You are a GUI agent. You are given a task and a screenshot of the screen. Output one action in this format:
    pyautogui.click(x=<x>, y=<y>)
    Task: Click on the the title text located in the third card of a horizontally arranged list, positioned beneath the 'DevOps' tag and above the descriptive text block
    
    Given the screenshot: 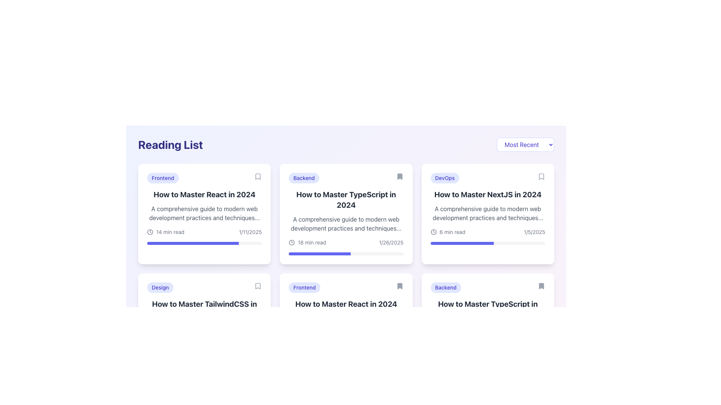 What is the action you would take?
    pyautogui.click(x=488, y=194)
    